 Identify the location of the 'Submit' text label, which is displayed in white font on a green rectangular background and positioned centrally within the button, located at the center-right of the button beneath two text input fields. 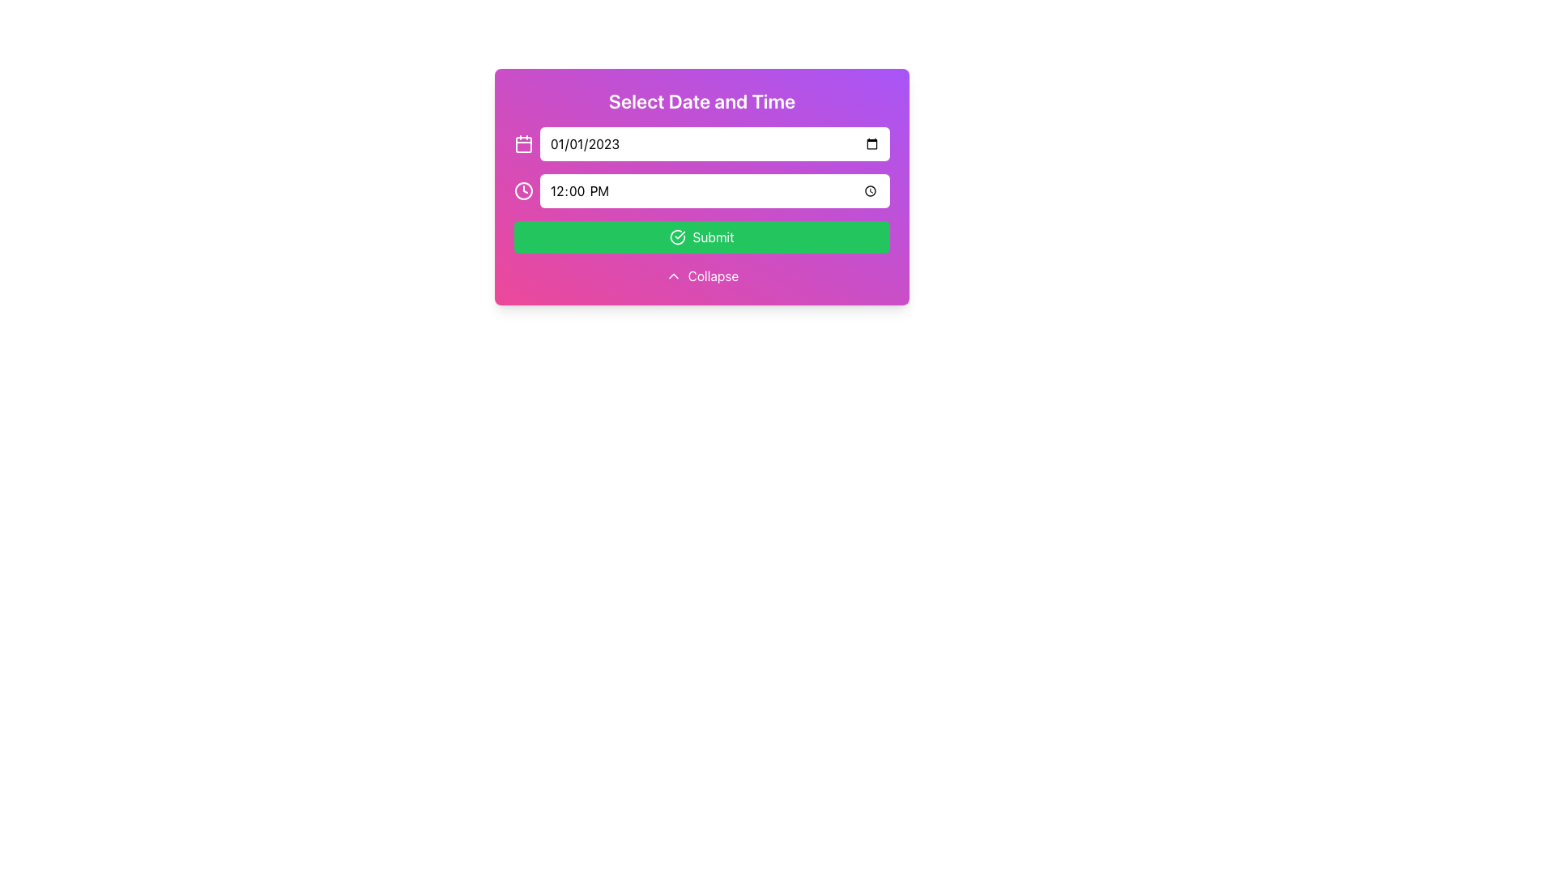
(713, 237).